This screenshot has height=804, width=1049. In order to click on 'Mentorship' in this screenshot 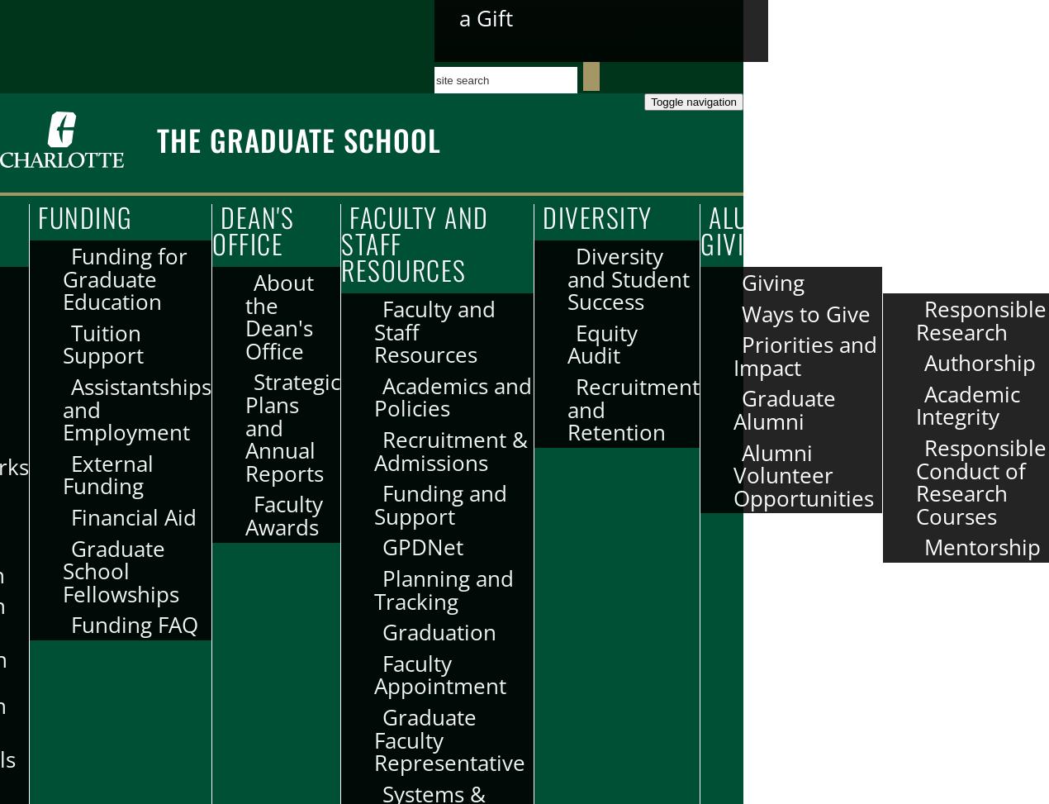, I will do `click(981, 546)`.